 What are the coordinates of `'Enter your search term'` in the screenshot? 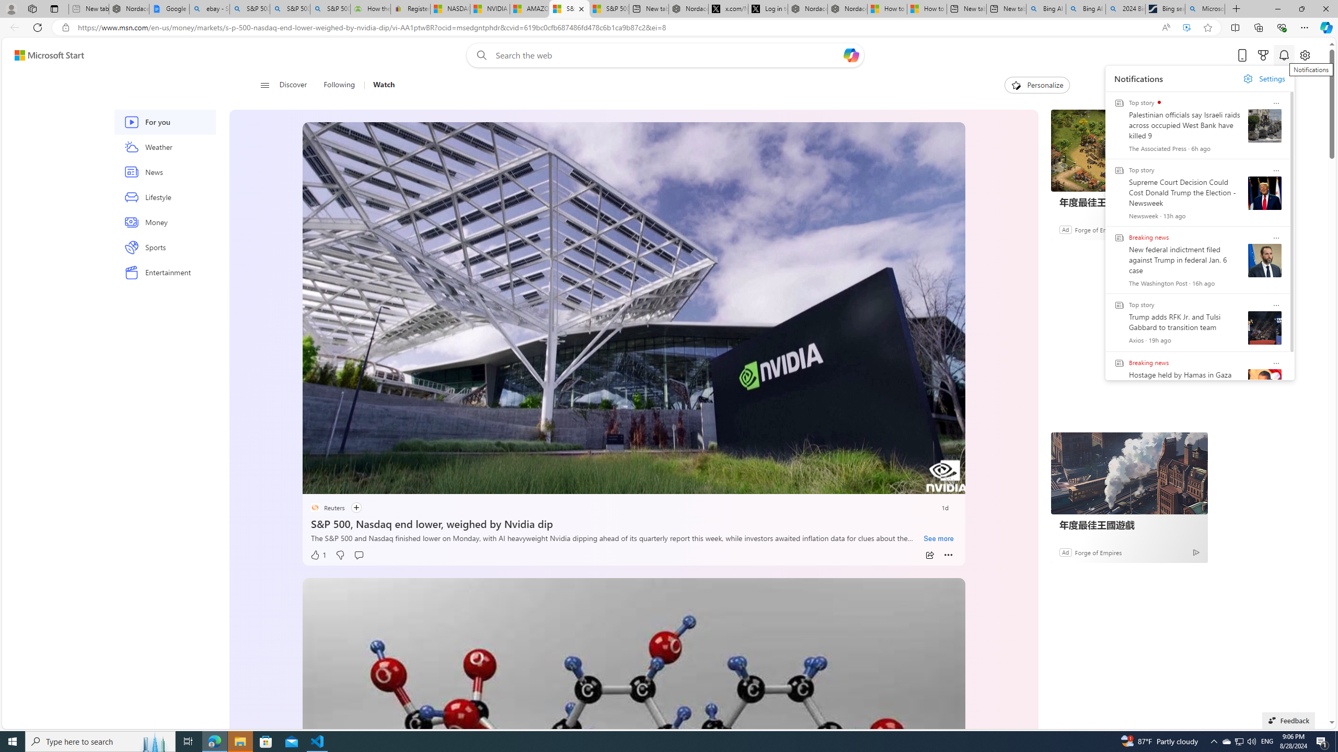 It's located at (667, 54).